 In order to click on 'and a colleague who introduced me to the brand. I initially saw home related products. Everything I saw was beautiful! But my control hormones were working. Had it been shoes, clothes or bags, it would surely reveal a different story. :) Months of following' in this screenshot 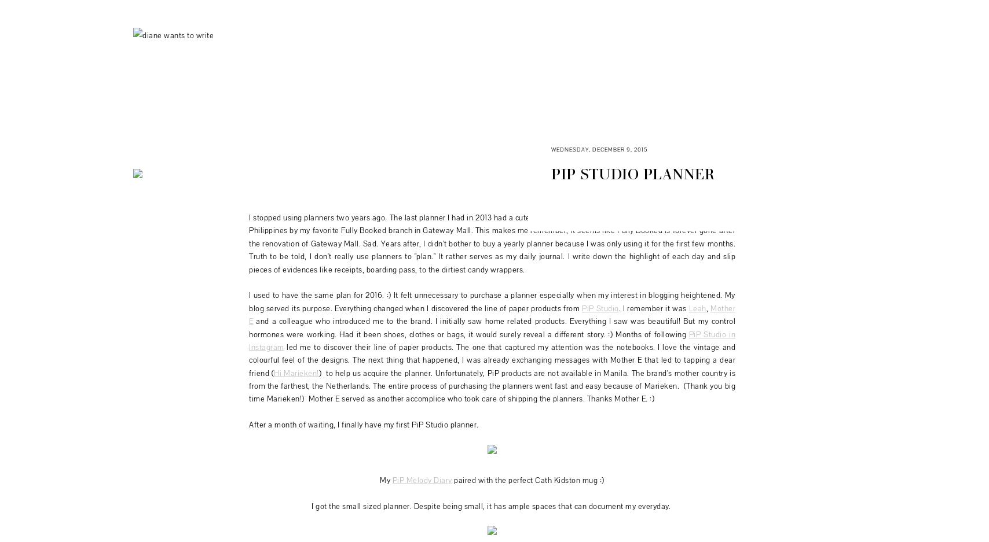, I will do `click(492, 327)`.